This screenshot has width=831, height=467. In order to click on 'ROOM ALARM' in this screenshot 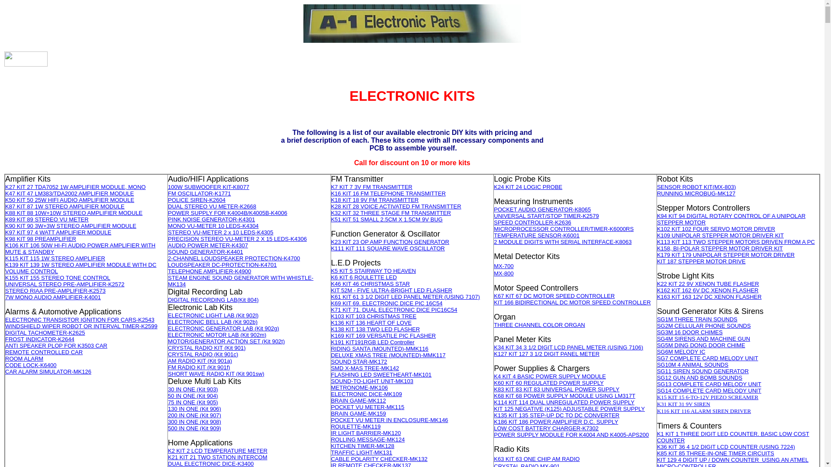, I will do `click(24, 358)`.